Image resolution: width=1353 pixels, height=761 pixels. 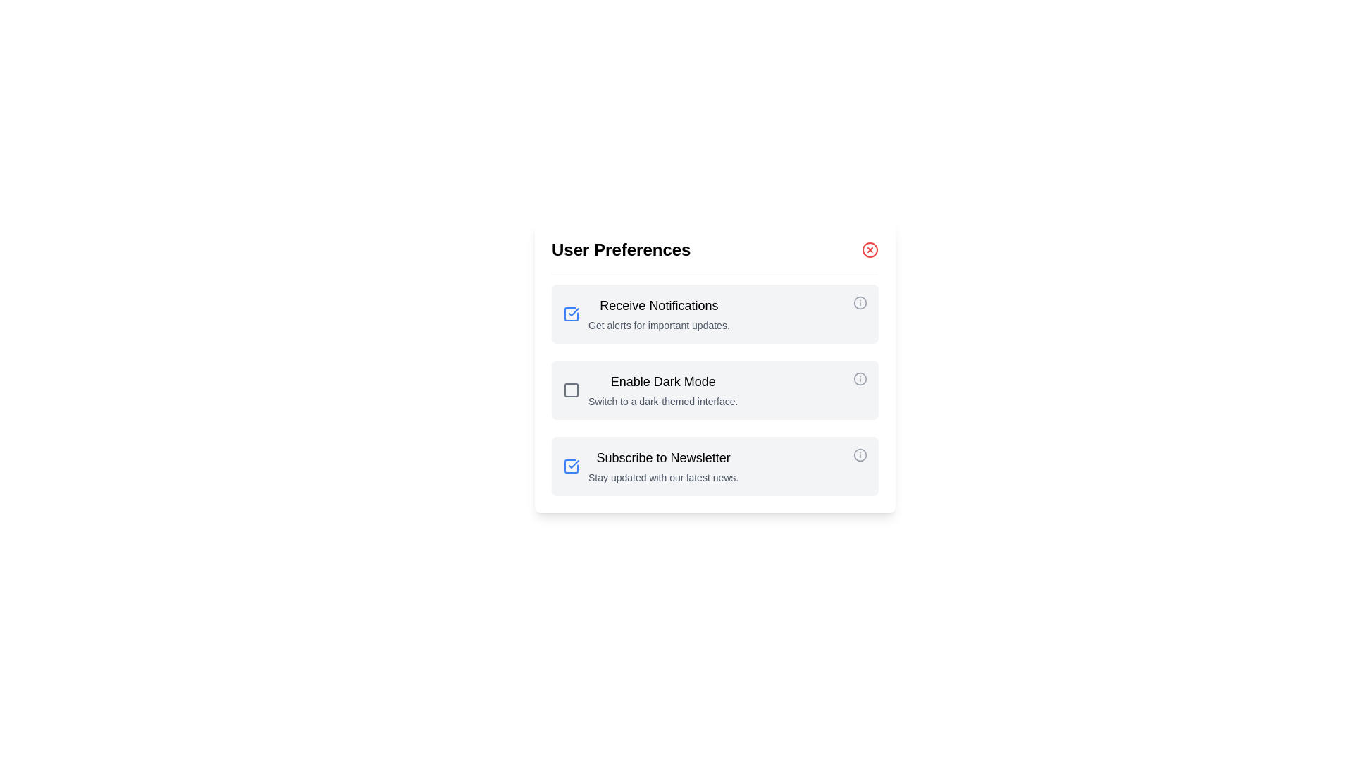 I want to click on the checkbox located to the far left of the 'Subscribe to Newsletter' label, so click(x=575, y=466).